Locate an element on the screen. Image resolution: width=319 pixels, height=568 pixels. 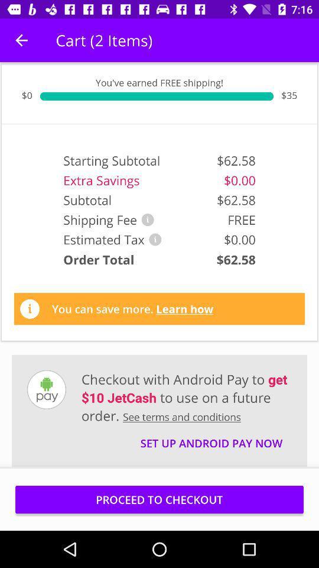
the icon below the checkout with android item is located at coordinates (210, 437).